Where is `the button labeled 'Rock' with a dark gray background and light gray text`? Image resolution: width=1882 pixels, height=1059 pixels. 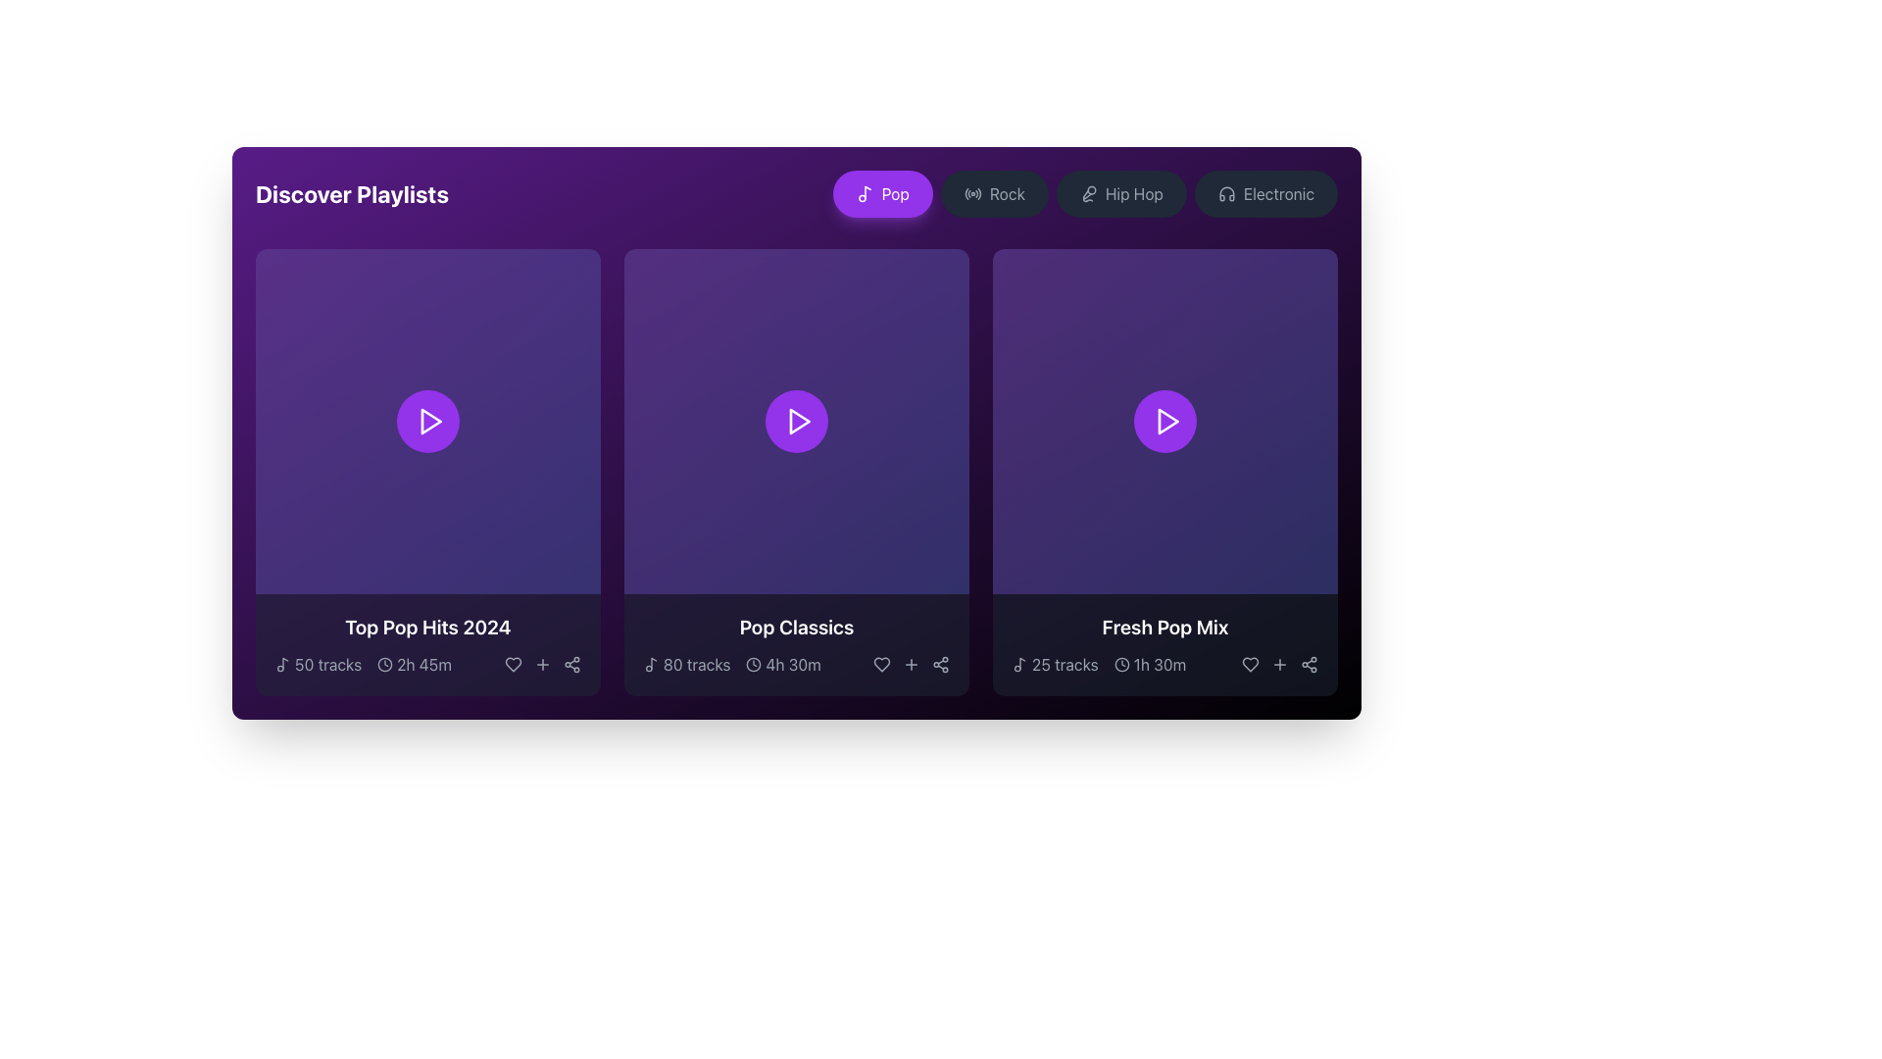
the button labeled 'Rock' with a dark gray background and light gray text is located at coordinates (994, 193).